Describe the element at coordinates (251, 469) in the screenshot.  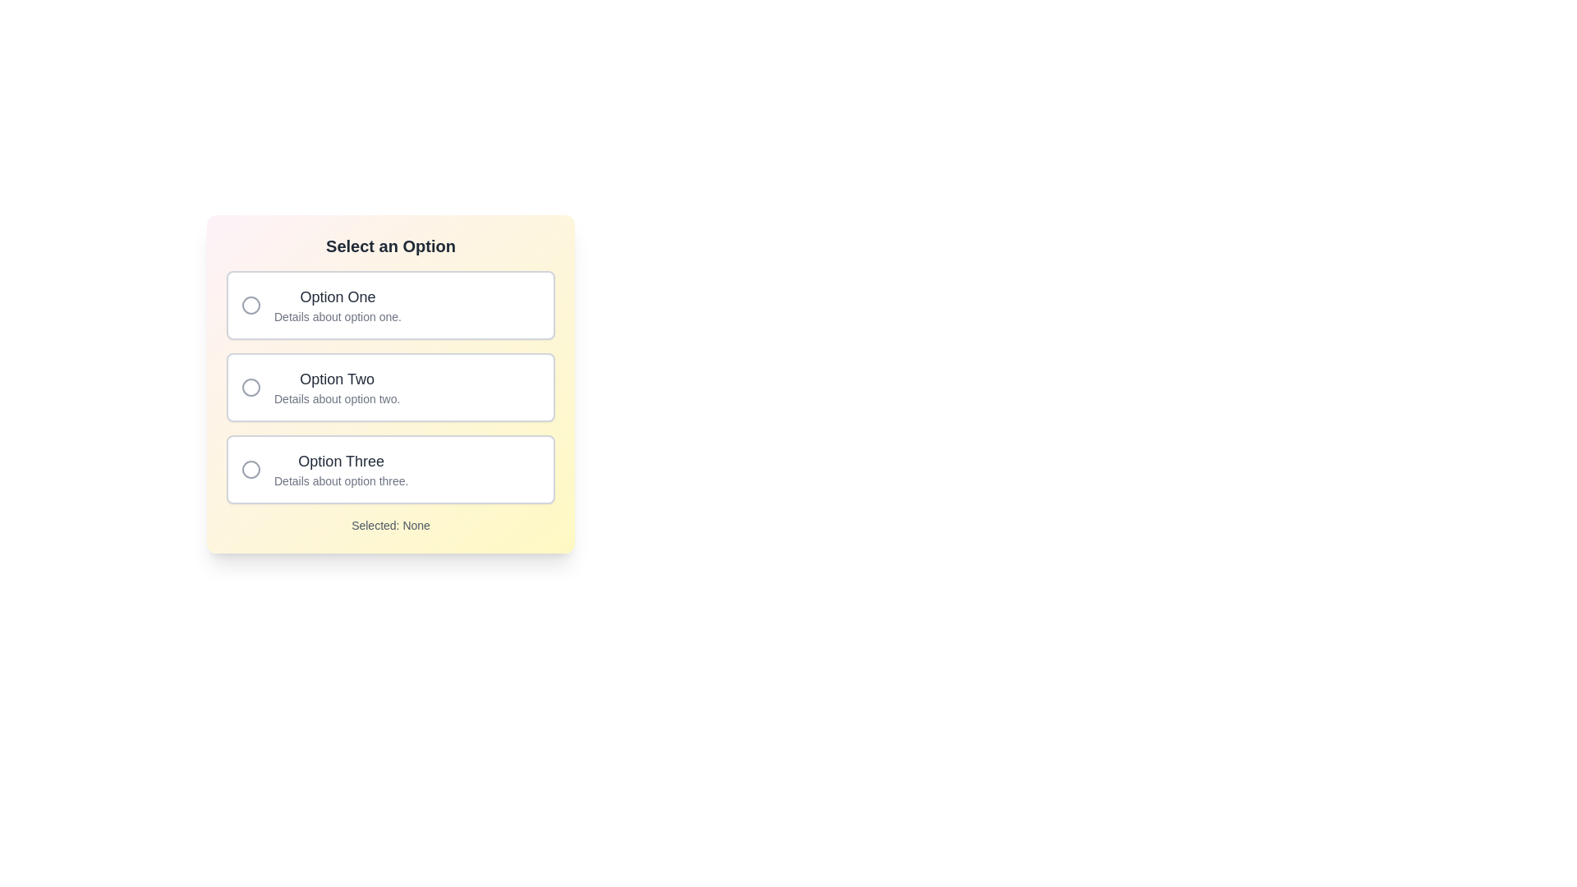
I see `the Selection Indicator of the Radio Button labeled 'Option Three' to trigger visual feedback` at that location.